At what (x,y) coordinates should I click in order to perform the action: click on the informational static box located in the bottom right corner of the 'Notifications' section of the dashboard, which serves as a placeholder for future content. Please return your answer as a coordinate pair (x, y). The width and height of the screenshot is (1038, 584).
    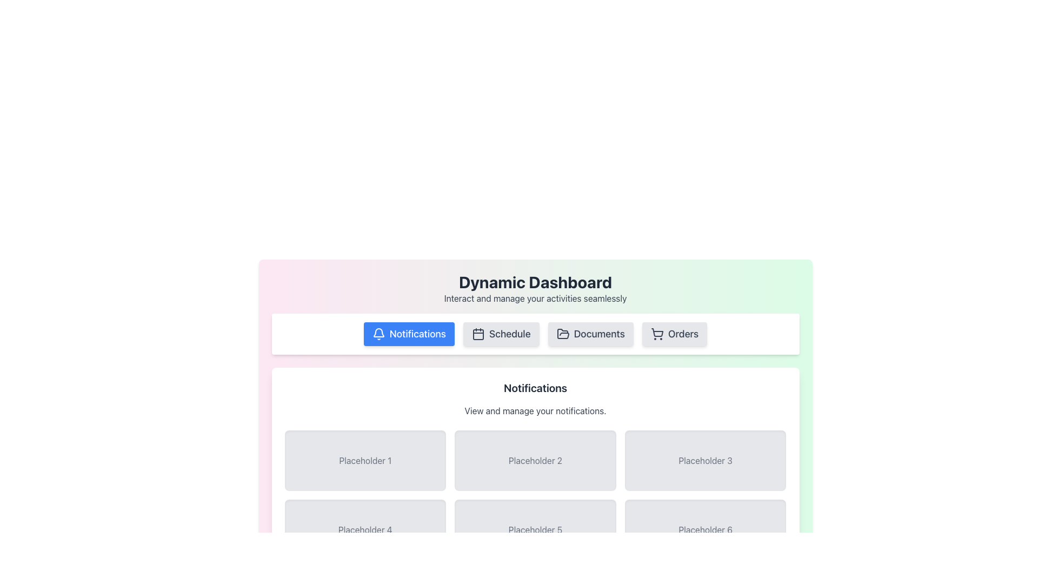
    Looking at the image, I should click on (706, 529).